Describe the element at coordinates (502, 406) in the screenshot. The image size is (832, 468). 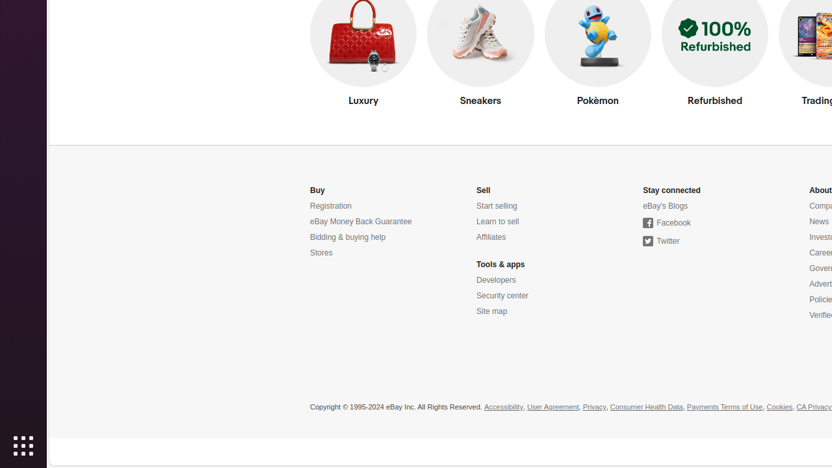
I see `'Accessibility'` at that location.